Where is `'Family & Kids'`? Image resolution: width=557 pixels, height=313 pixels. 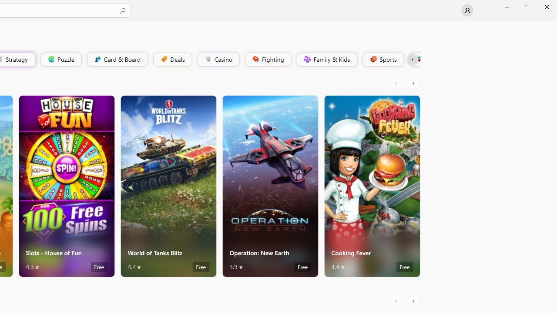 'Family & Kids' is located at coordinates (326, 59).